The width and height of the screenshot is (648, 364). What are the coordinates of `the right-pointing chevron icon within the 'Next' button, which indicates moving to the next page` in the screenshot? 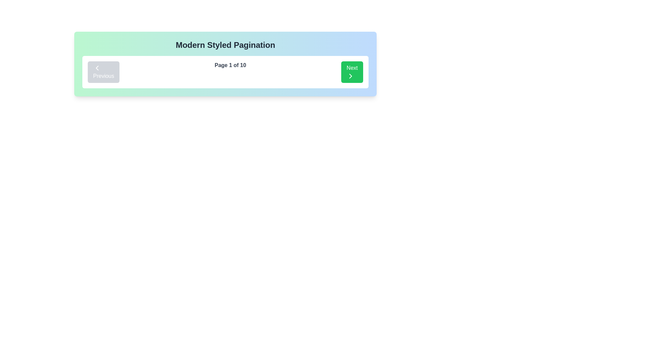 It's located at (351, 76).